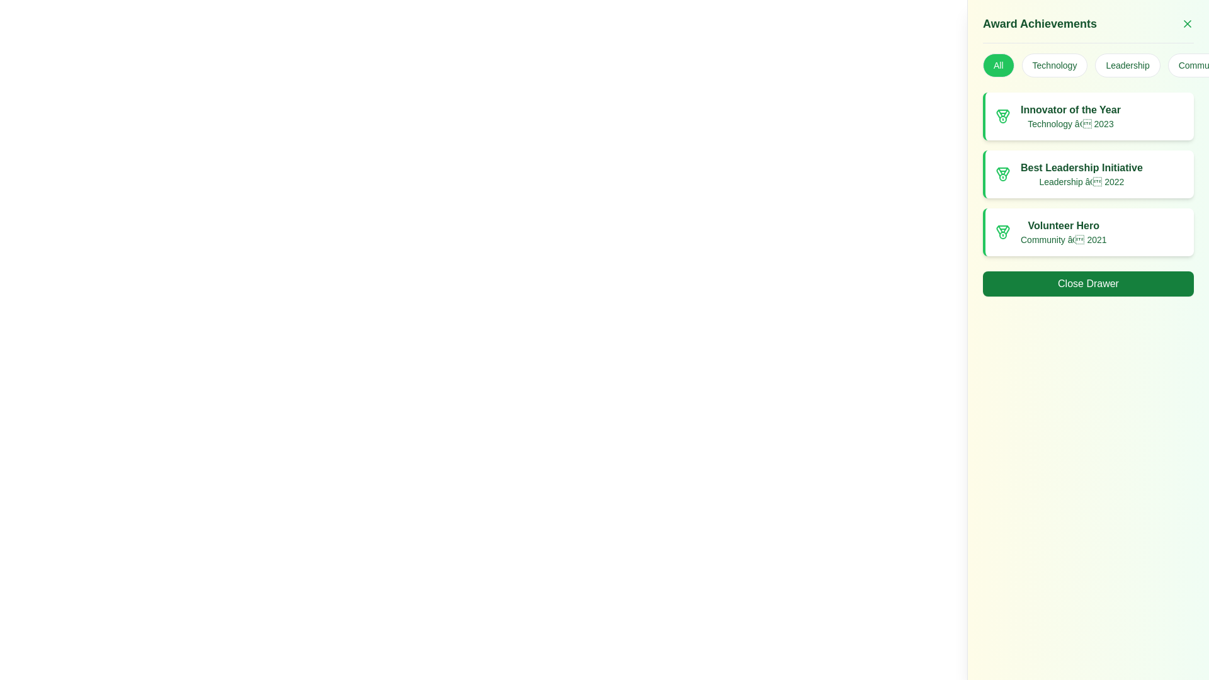  What do you see at coordinates (1063, 240) in the screenshot?
I see `the text label reading 'Community – 2021' which is styled with a green font color and is positioned below the 'Volunteer Hero' text in the third card of the 'Award Achievements' section` at bounding box center [1063, 240].